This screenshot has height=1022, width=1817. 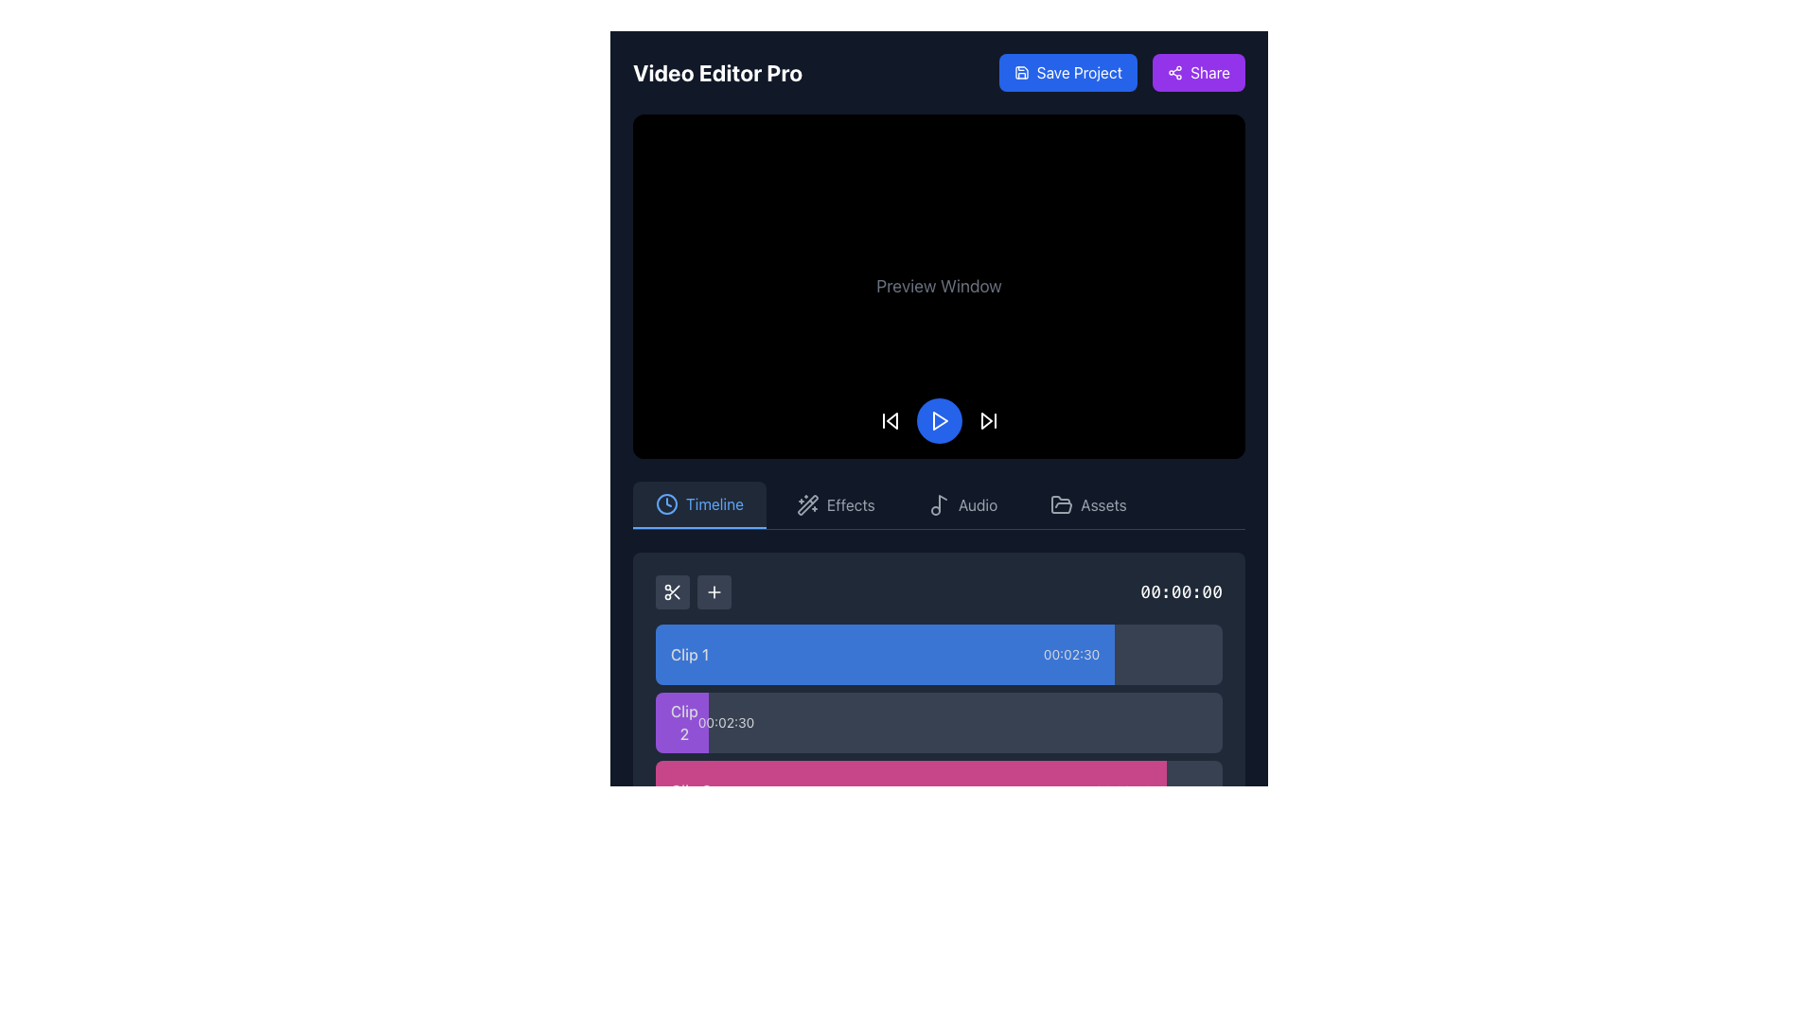 I want to click on the scissors icon button, which is a small icon styled as scissors located in the bottom-left portion of the interface, part of a horizontal set of two buttons, so click(x=672, y=590).